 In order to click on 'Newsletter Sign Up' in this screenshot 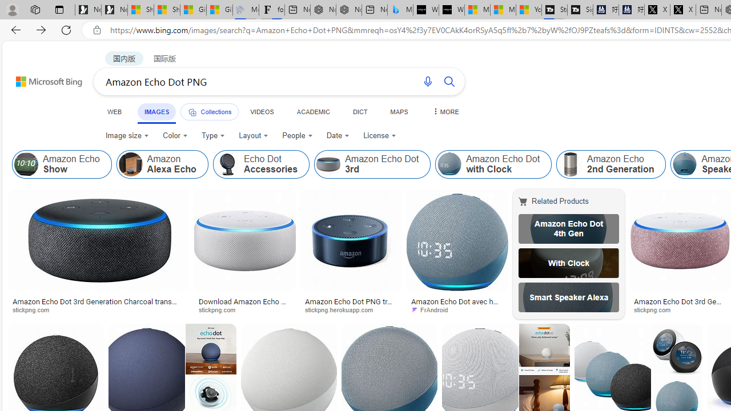, I will do `click(114, 10)`.